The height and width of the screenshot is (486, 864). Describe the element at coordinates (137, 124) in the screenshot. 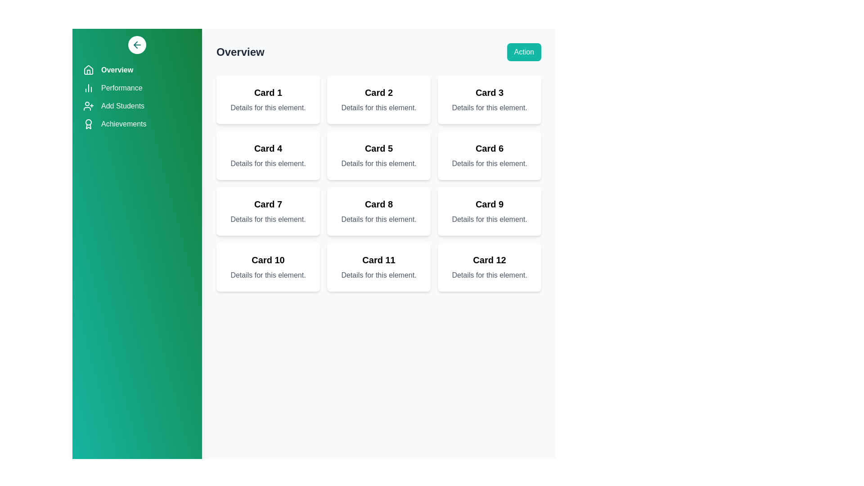

I see `the navigation item Achievements from the sidebar` at that location.